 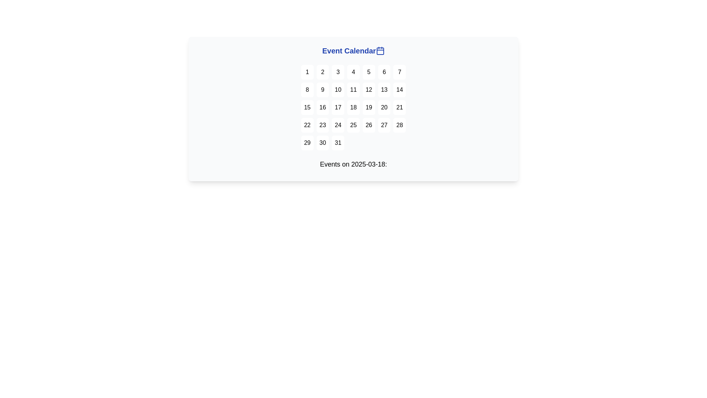 What do you see at coordinates (399, 72) in the screenshot?
I see `the selectable date button representing the 7th day of the month in the calendar interface to change its background color` at bounding box center [399, 72].